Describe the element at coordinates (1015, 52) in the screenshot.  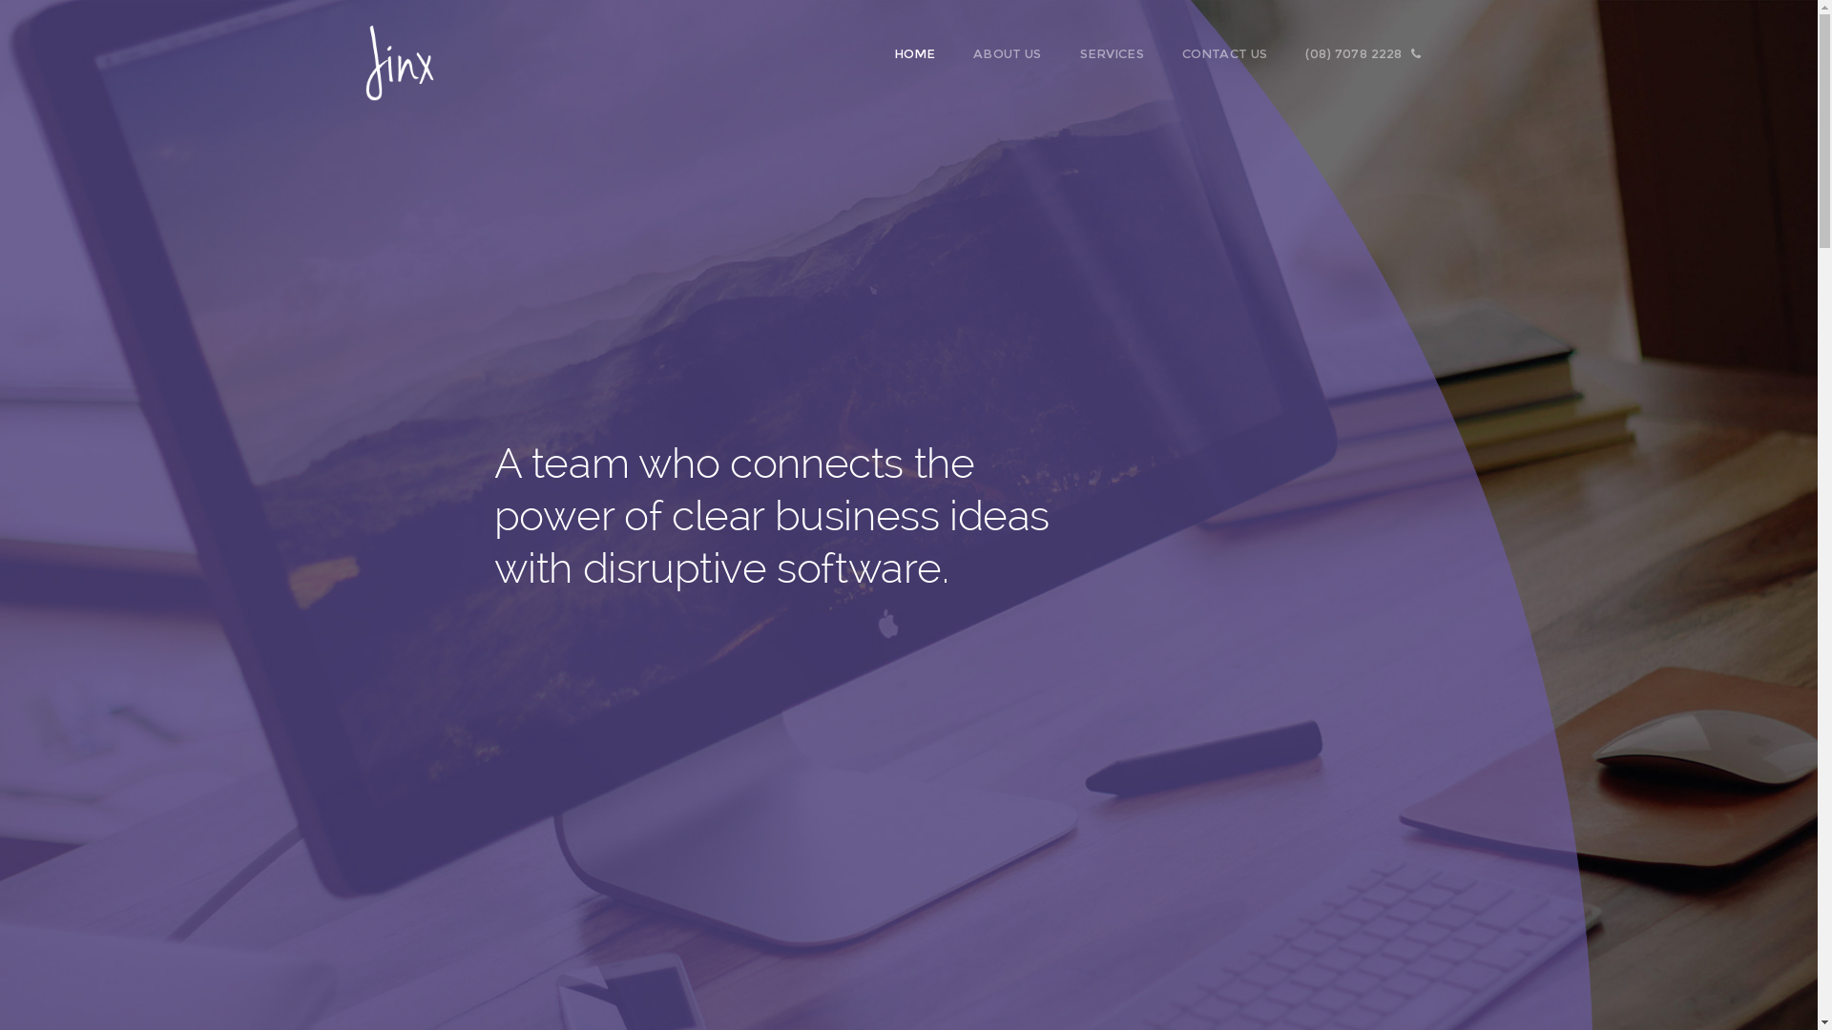
I see `'ABOUT US'` at that location.